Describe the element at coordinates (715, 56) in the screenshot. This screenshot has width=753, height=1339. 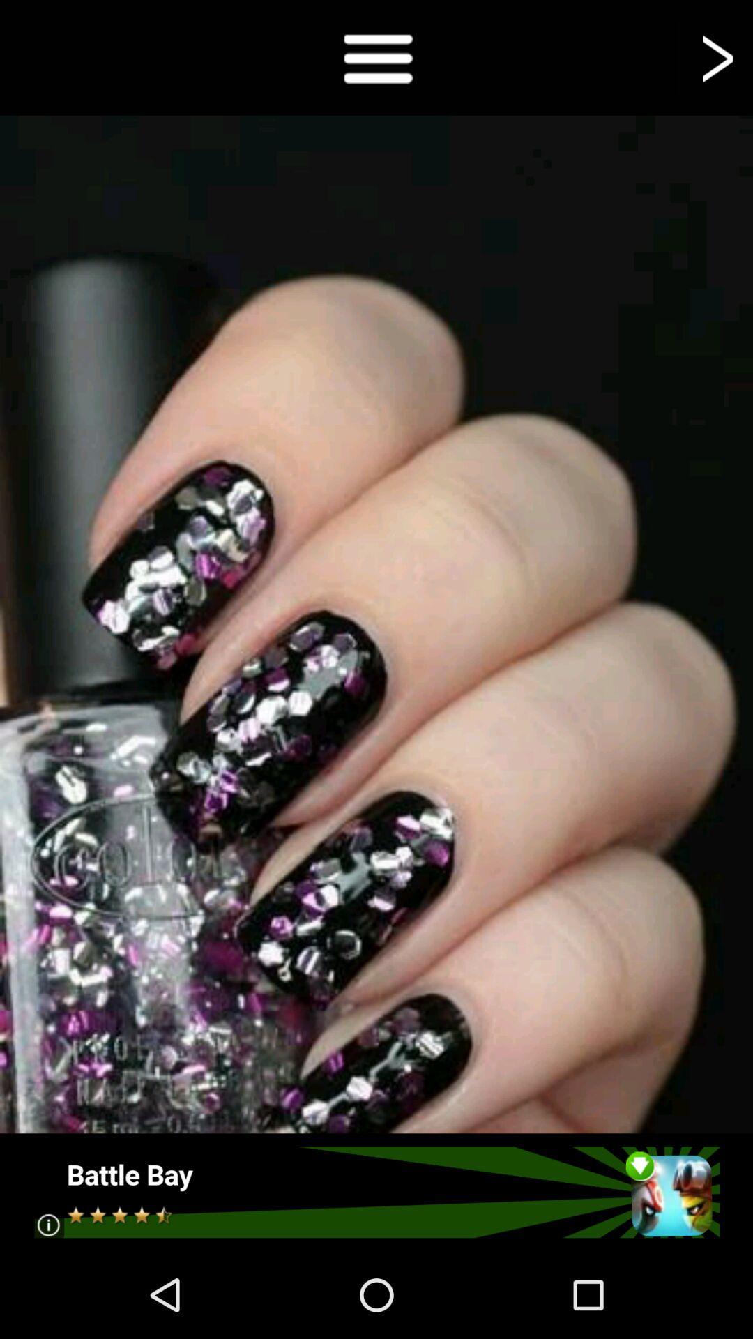
I see `next or swipe right` at that location.